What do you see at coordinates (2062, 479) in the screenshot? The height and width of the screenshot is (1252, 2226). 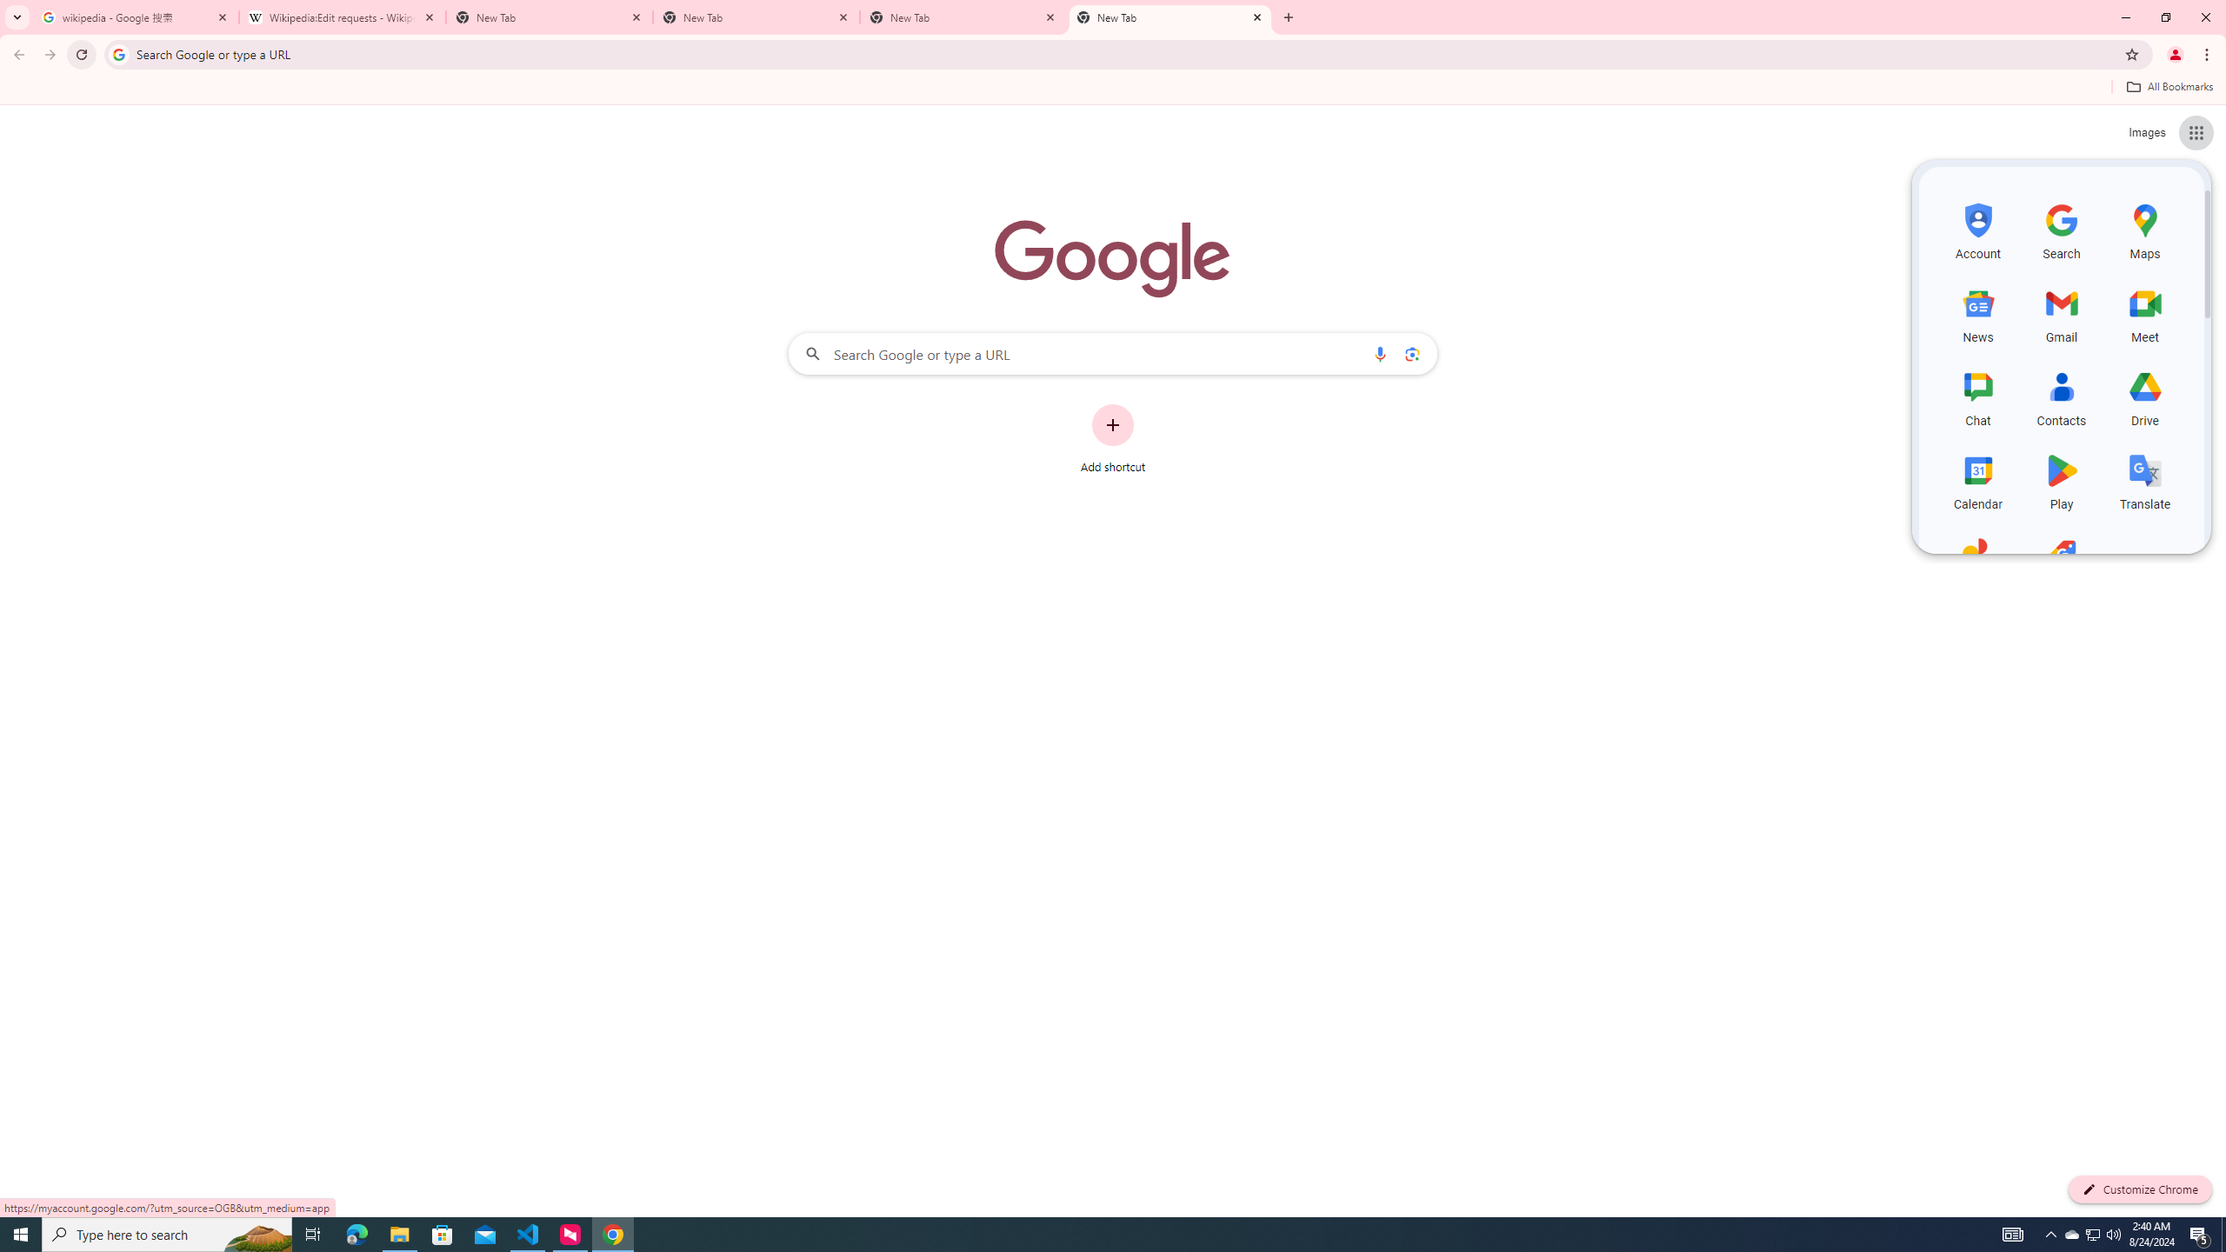 I see `'Play, row 4 of 5 and column 2 of 3 in the first section'` at bounding box center [2062, 479].